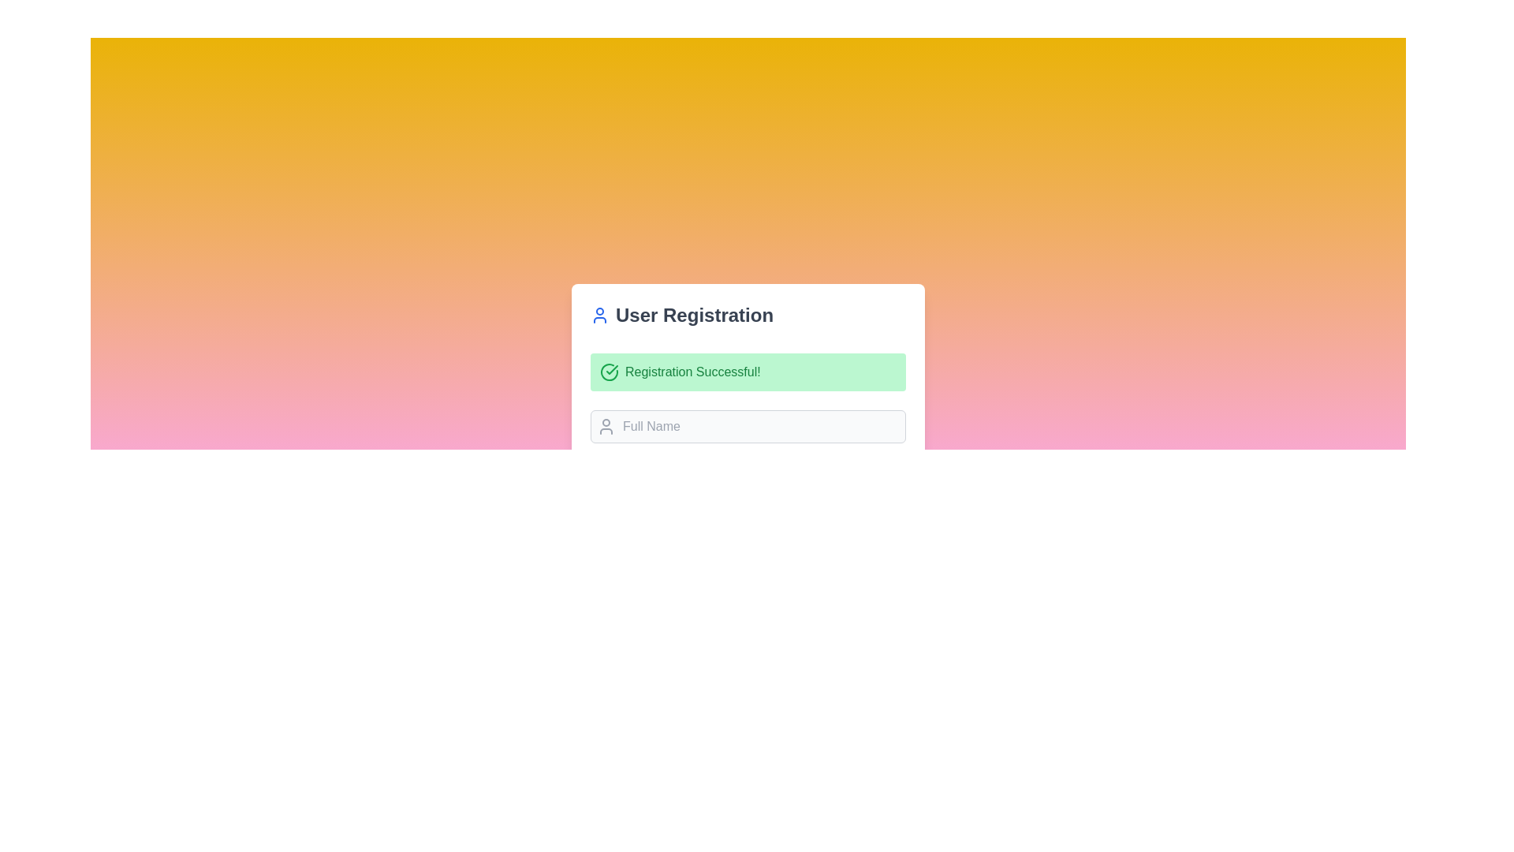 This screenshot has height=852, width=1514. I want to click on the green circular checkmark icon with a tick inside, located on the left side of the 'Registration Successful!' notification bar, so click(608, 372).